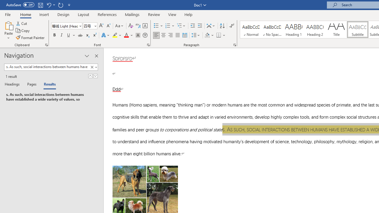 This screenshot has height=213, width=379. Describe the element at coordinates (234, 44) in the screenshot. I see `'Paragraph...'` at that location.